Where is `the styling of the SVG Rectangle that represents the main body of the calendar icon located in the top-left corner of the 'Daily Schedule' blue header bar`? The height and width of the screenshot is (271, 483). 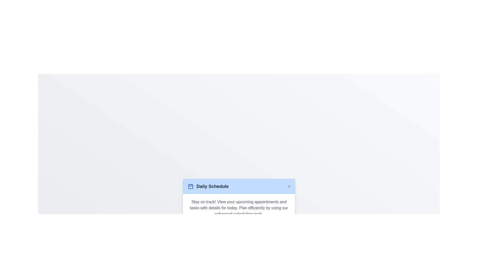
the styling of the SVG Rectangle that represents the main body of the calendar icon located in the top-left corner of the 'Daily Schedule' blue header bar is located at coordinates (190, 186).